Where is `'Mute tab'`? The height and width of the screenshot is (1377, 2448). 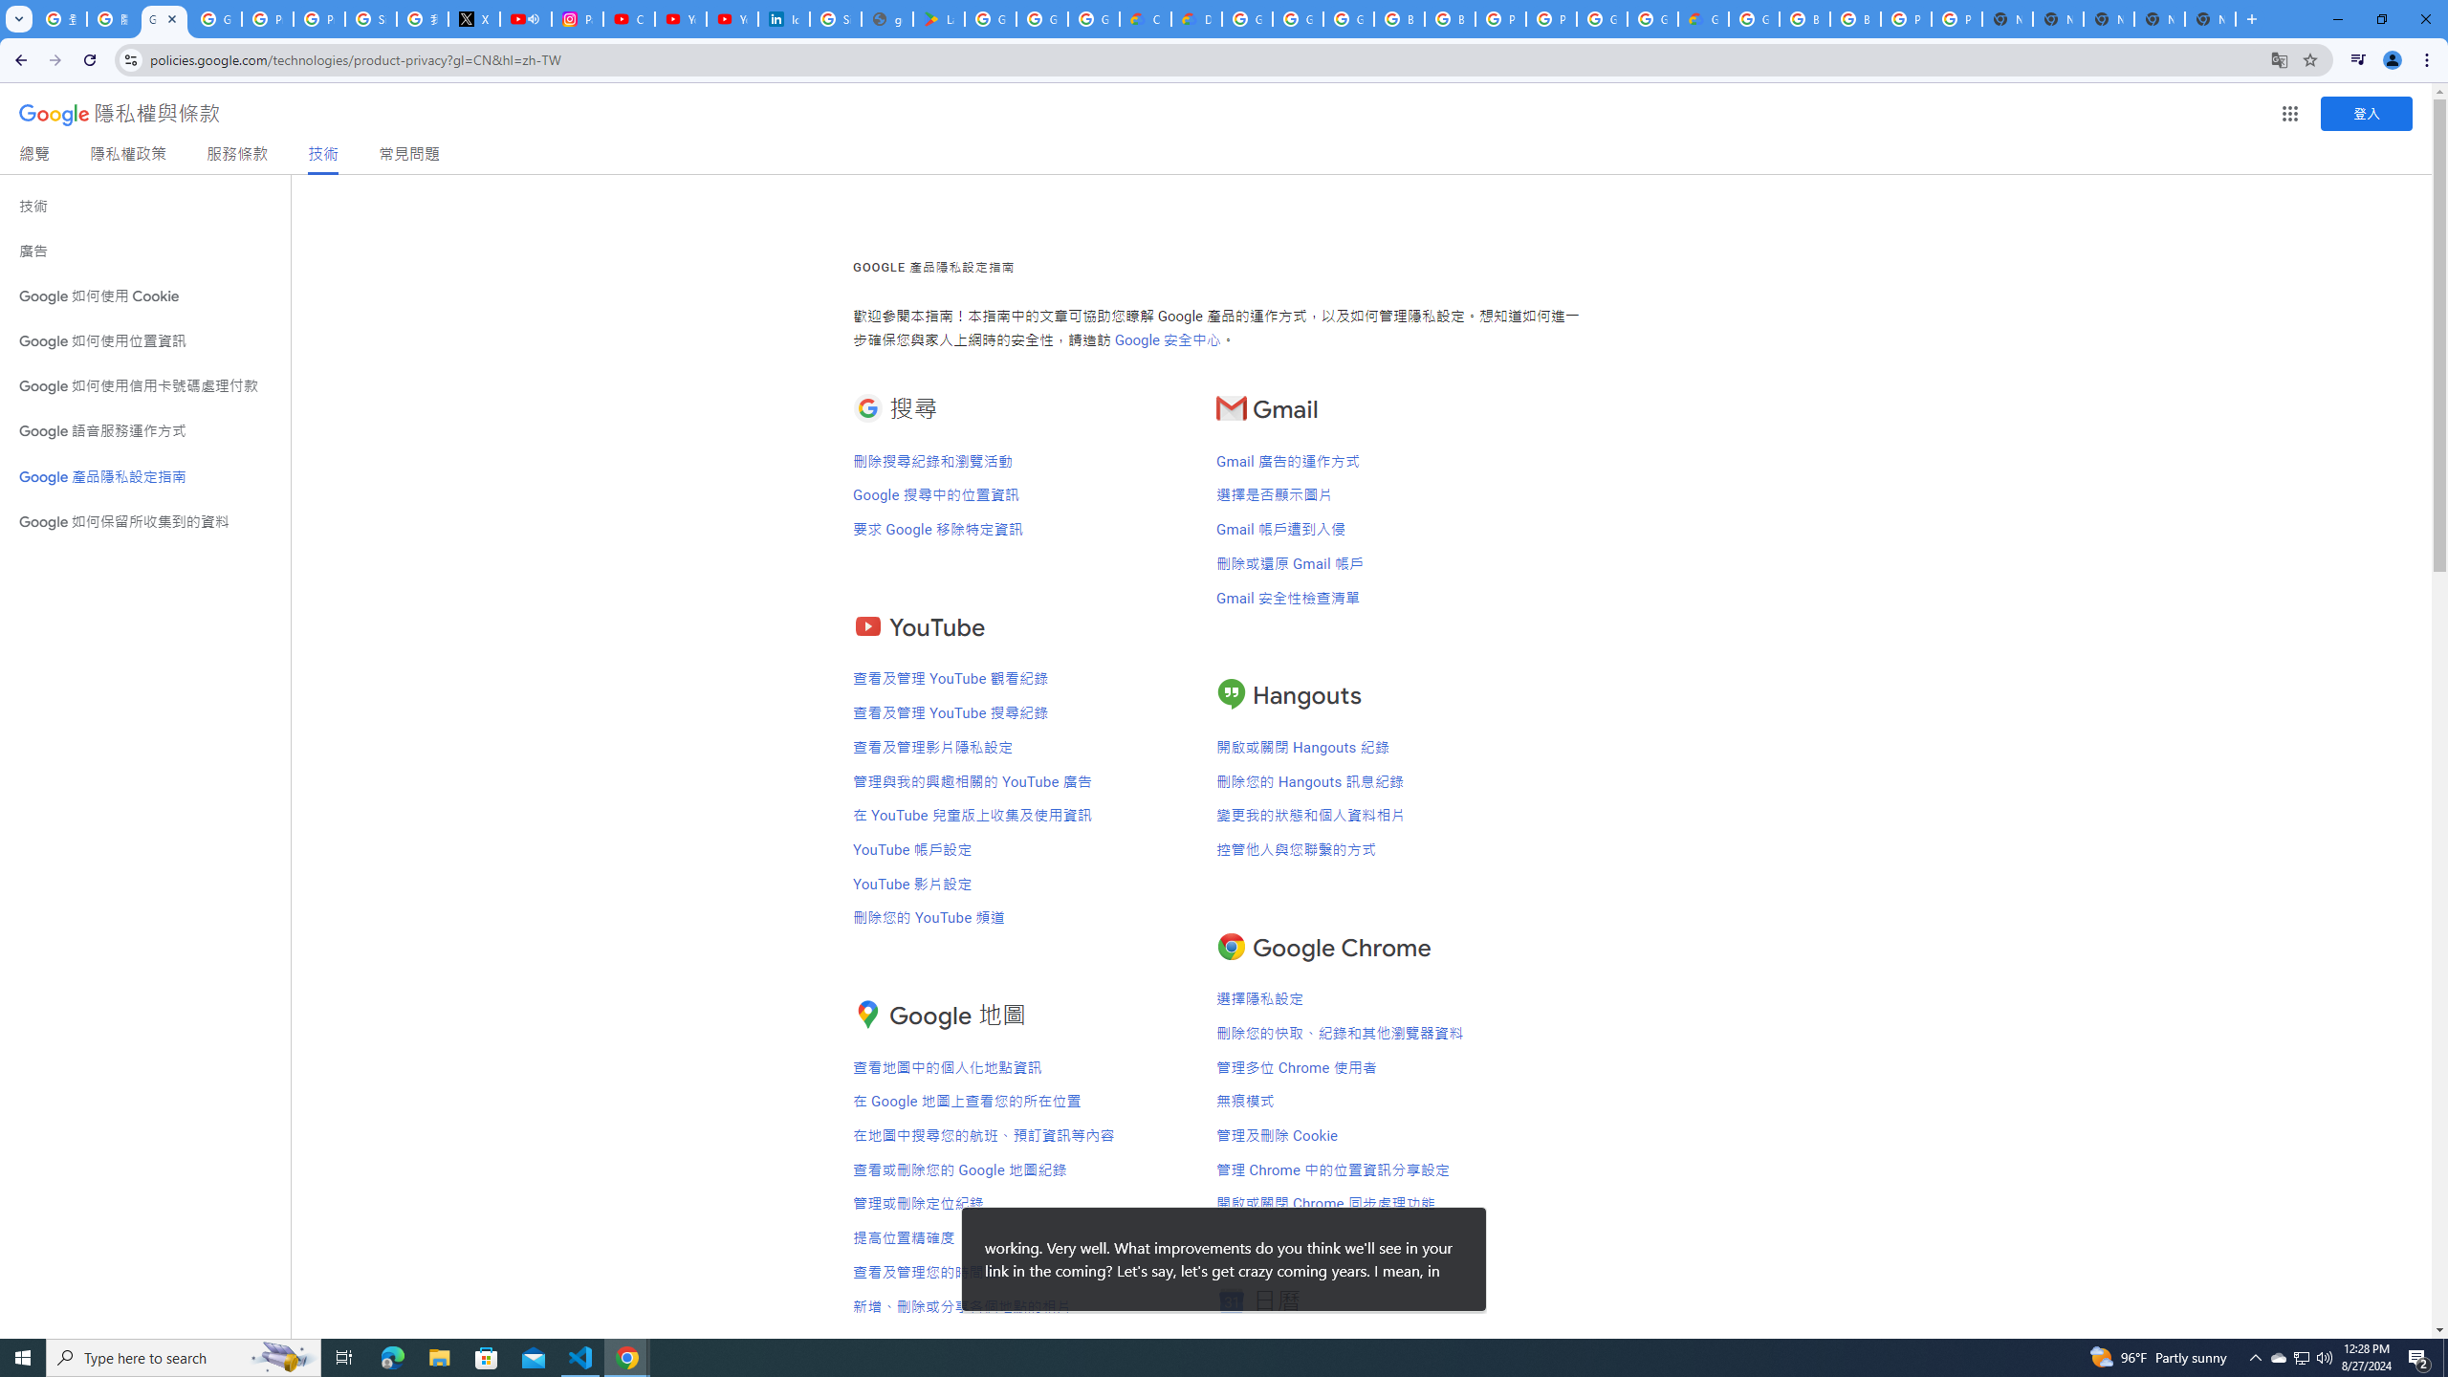 'Mute tab' is located at coordinates (534, 18).